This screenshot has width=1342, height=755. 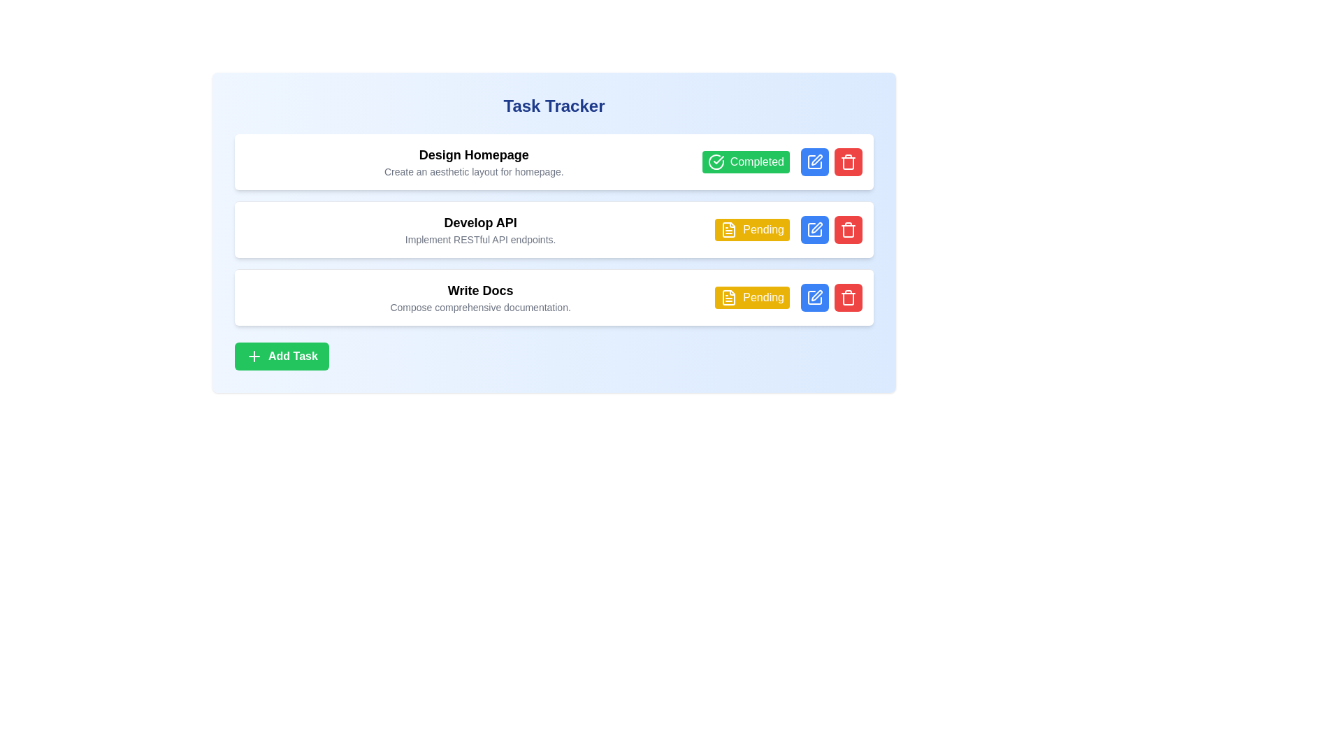 I want to click on the edit button located to the right of the green 'Completed' button in the first task row of the task management interface to change its color, so click(x=815, y=161).